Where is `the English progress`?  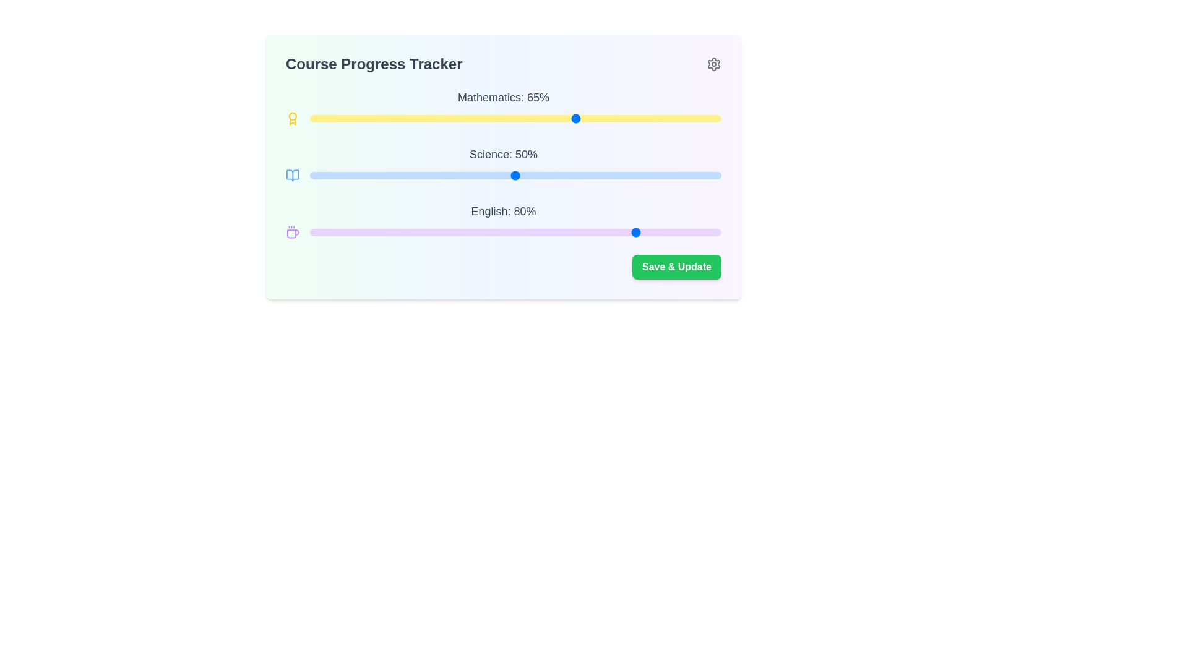
the English progress is located at coordinates (362, 232).